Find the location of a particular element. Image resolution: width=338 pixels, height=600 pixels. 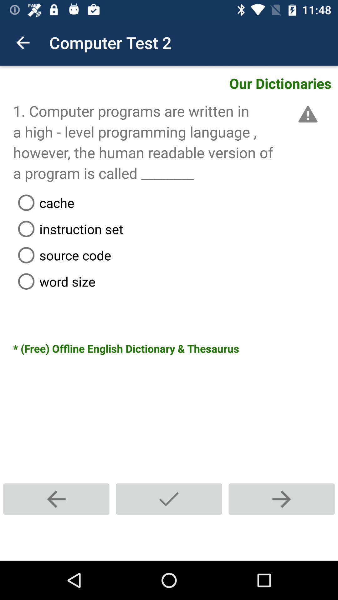

the item above our dictionaries is located at coordinates (23, 42).